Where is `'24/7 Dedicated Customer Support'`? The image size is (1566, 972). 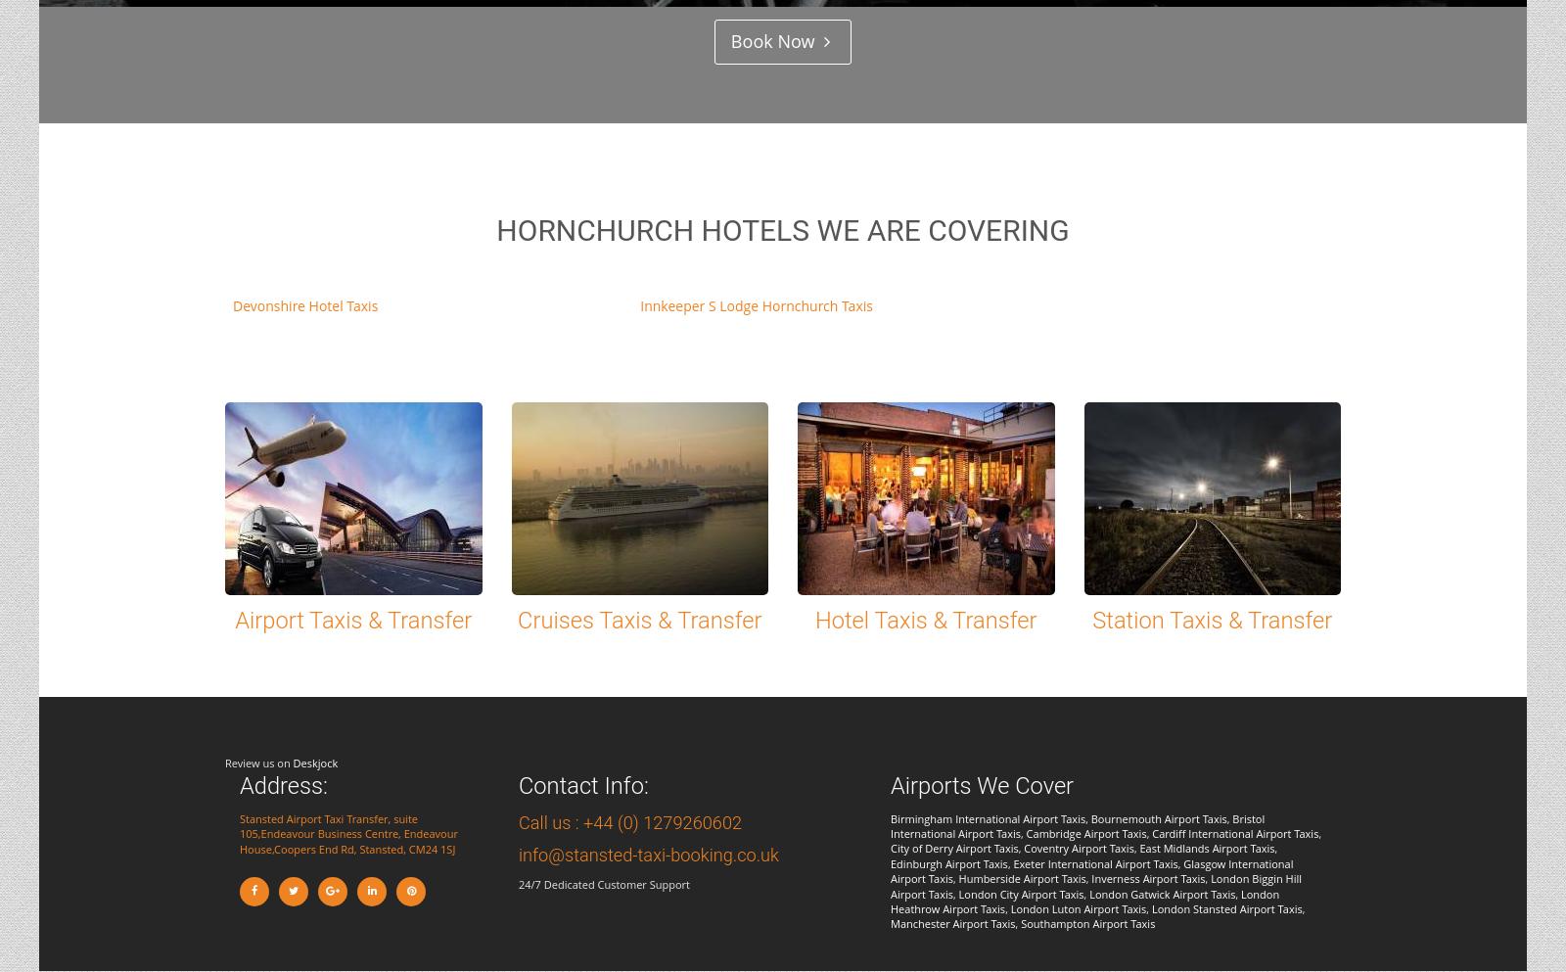 '24/7 Dedicated Customer Support' is located at coordinates (517, 883).